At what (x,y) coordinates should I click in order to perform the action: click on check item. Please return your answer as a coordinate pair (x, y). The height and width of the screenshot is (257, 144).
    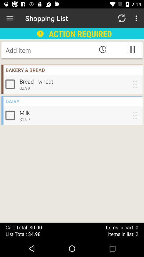
    Looking at the image, I should click on (11, 84).